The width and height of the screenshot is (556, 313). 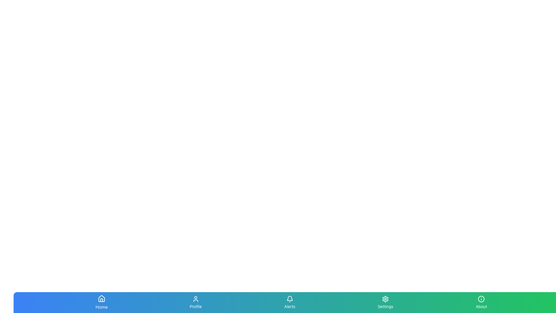 I want to click on the stylized house icon, which is part of the 'Home' button in the bottom navigation bar, so click(x=102, y=299).